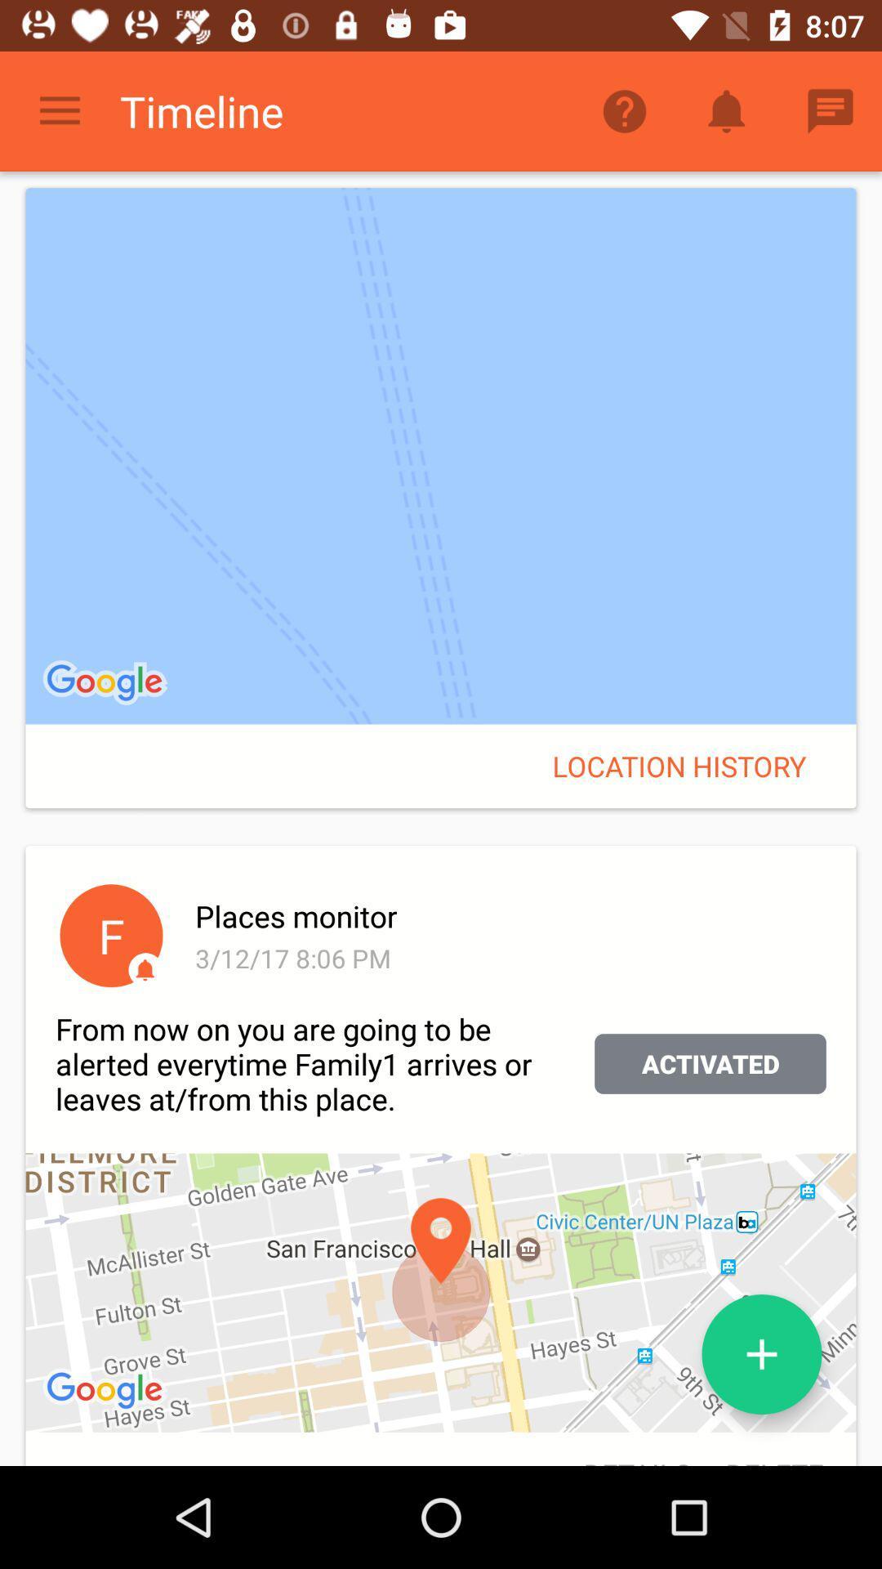 This screenshot has height=1569, width=882. Describe the element at coordinates (762, 1354) in the screenshot. I see `the add icon` at that location.